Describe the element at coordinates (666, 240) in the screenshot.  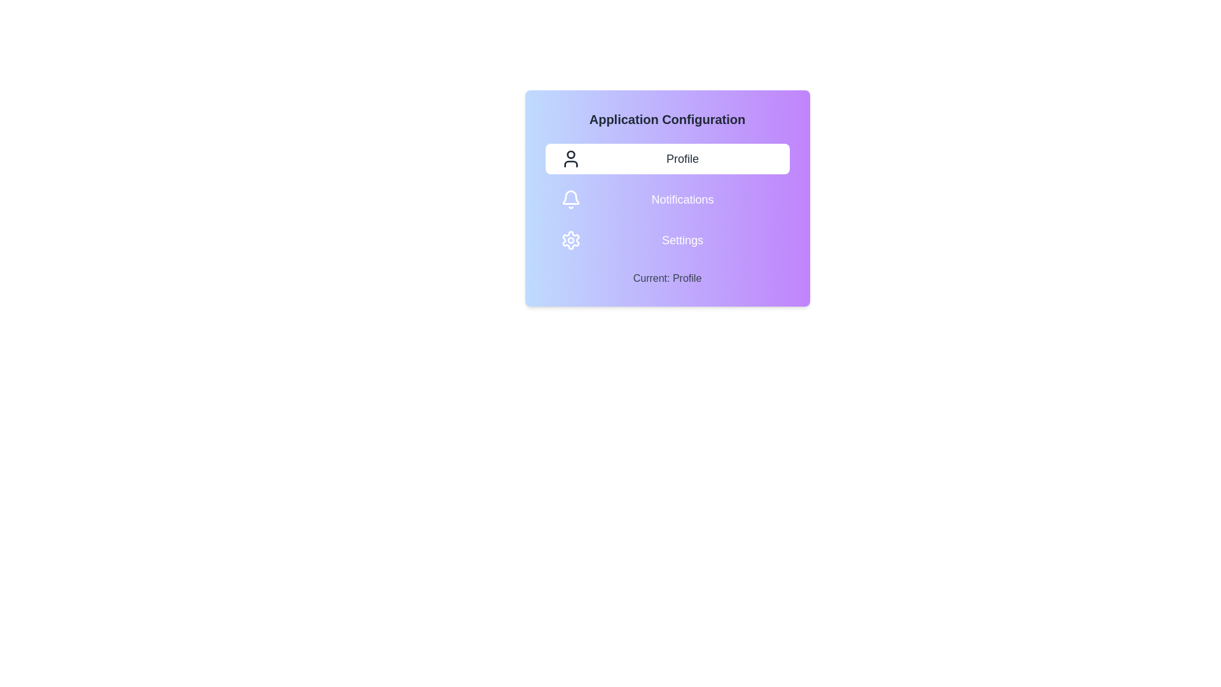
I see `the toggle option Settings` at that location.